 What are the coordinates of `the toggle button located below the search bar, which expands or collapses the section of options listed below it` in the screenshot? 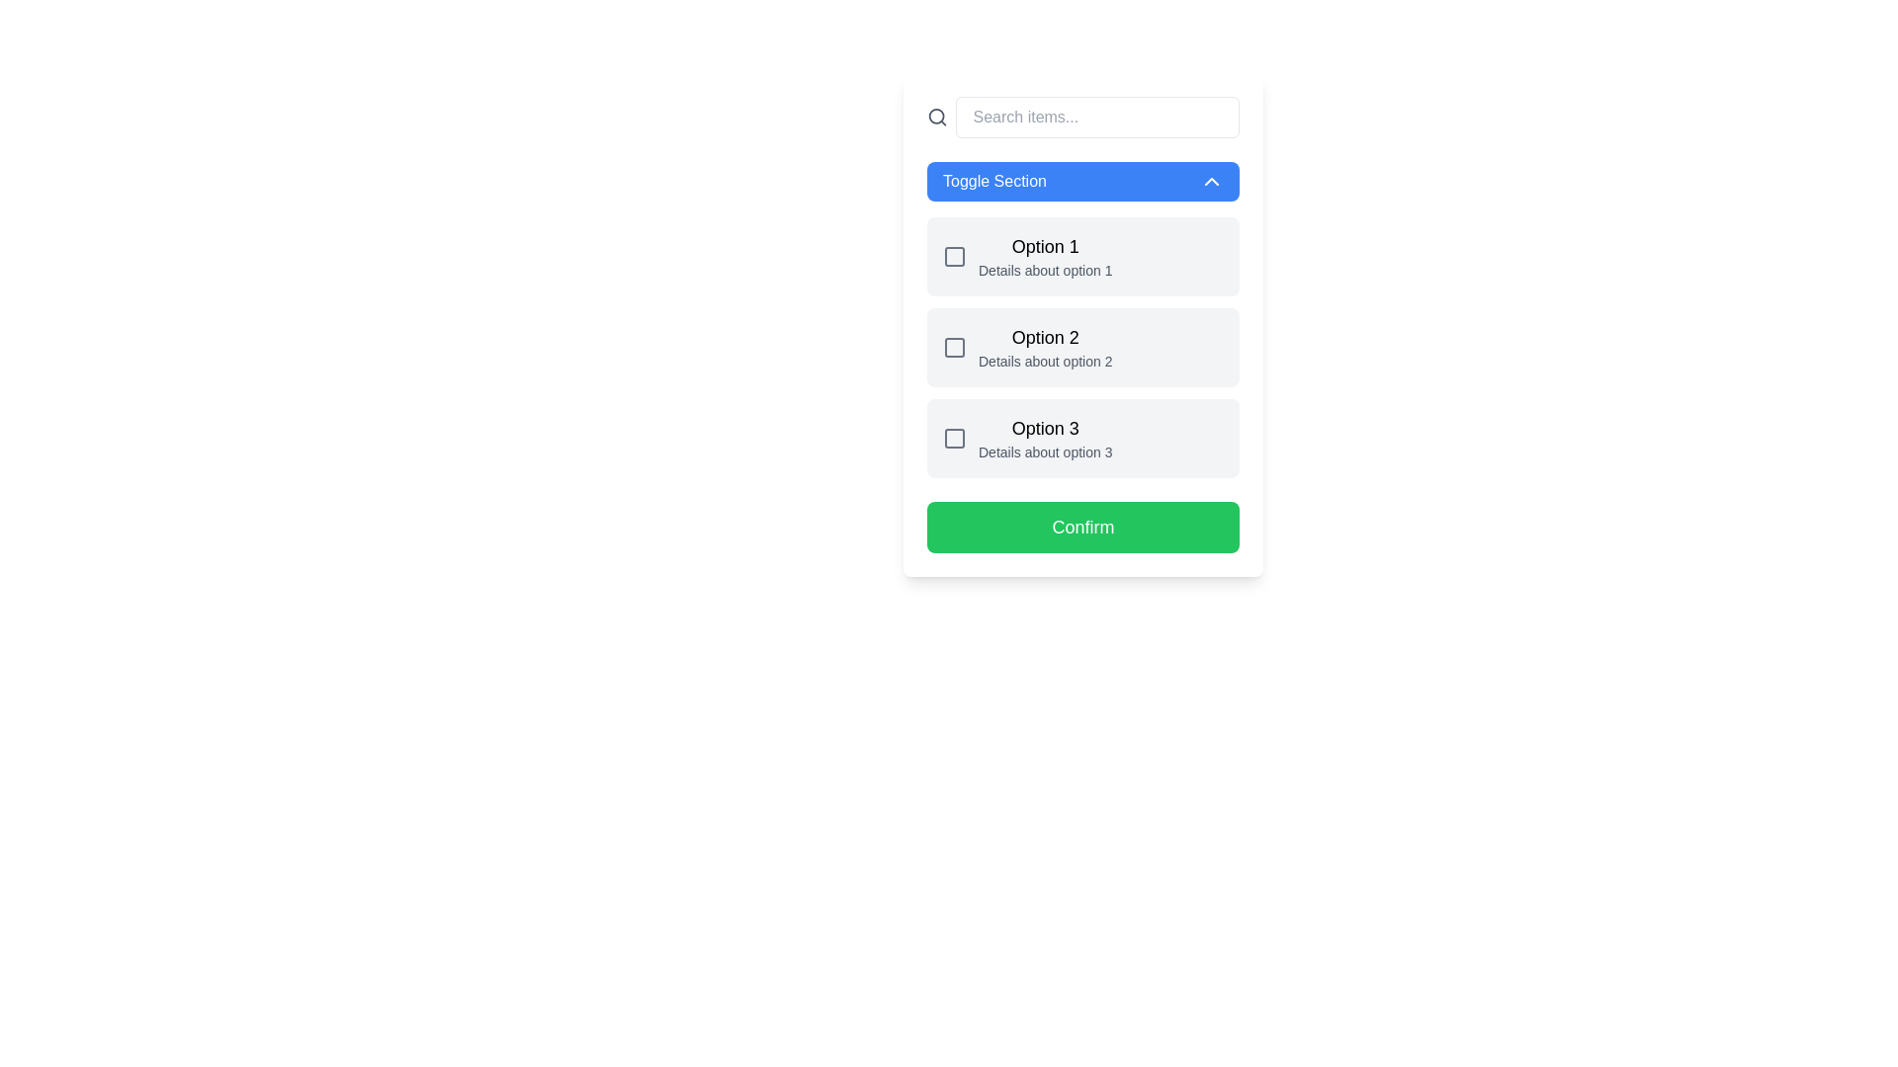 It's located at (1081, 182).